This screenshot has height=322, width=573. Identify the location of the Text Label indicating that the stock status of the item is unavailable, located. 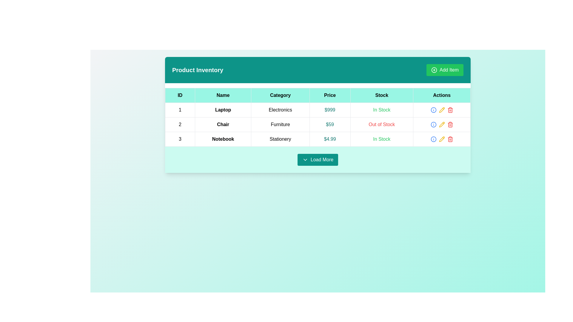
(381, 124).